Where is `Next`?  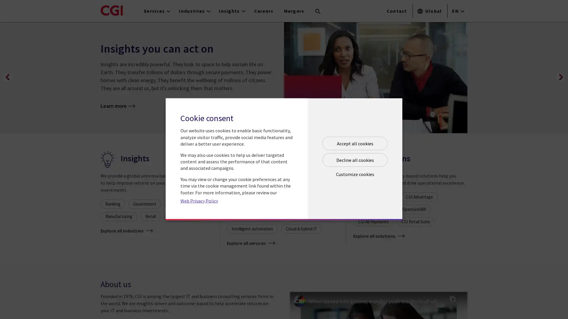 Next is located at coordinates (560, 77).